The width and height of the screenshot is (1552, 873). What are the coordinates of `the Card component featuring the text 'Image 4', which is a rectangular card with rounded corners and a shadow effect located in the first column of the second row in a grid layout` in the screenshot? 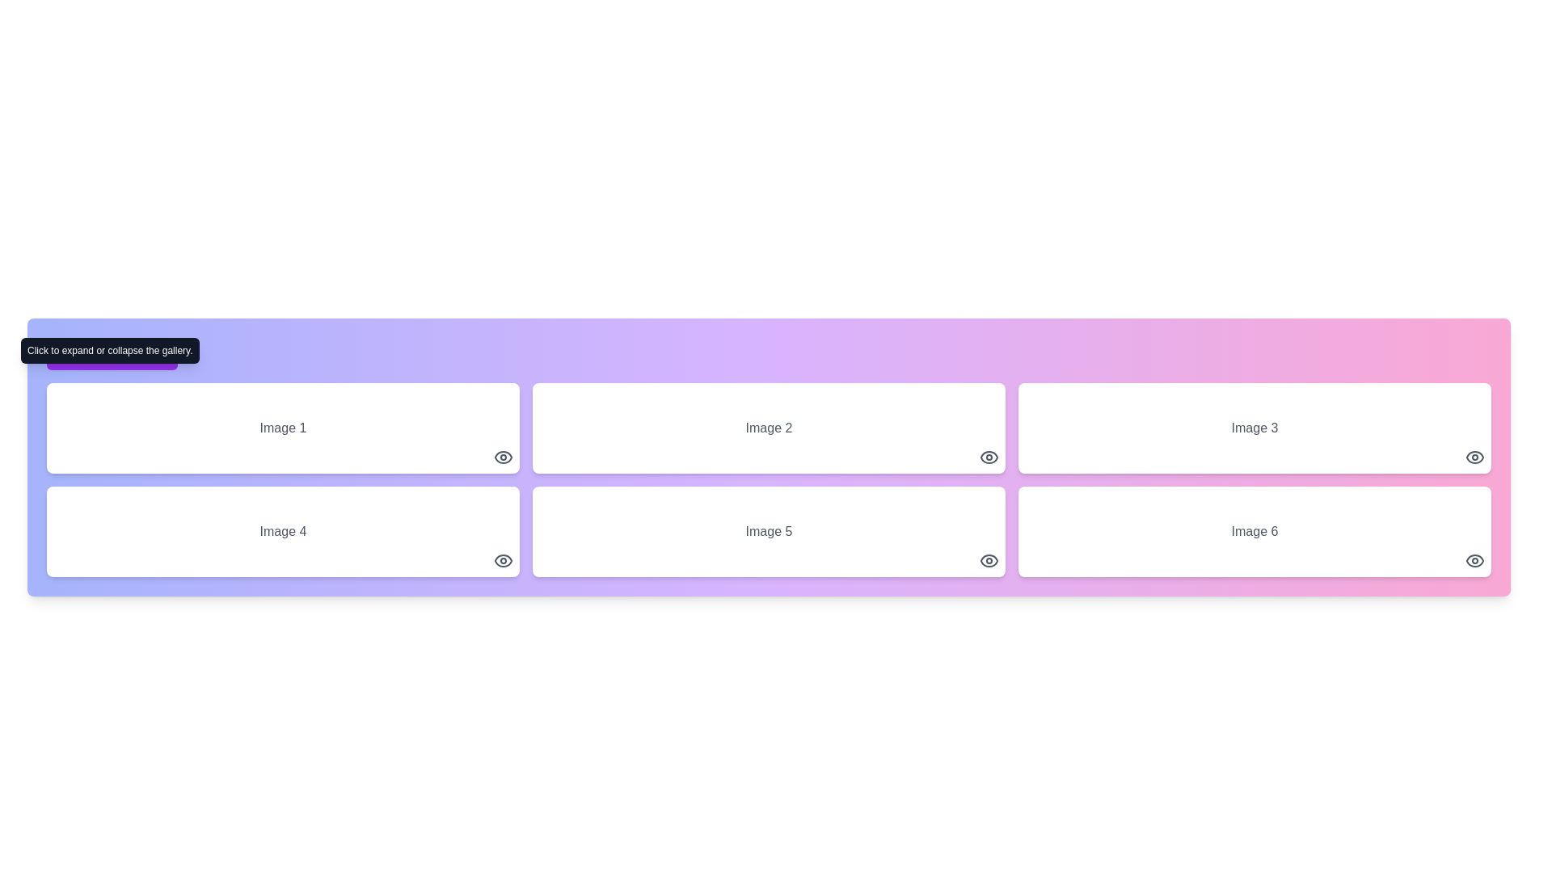 It's located at (283, 532).